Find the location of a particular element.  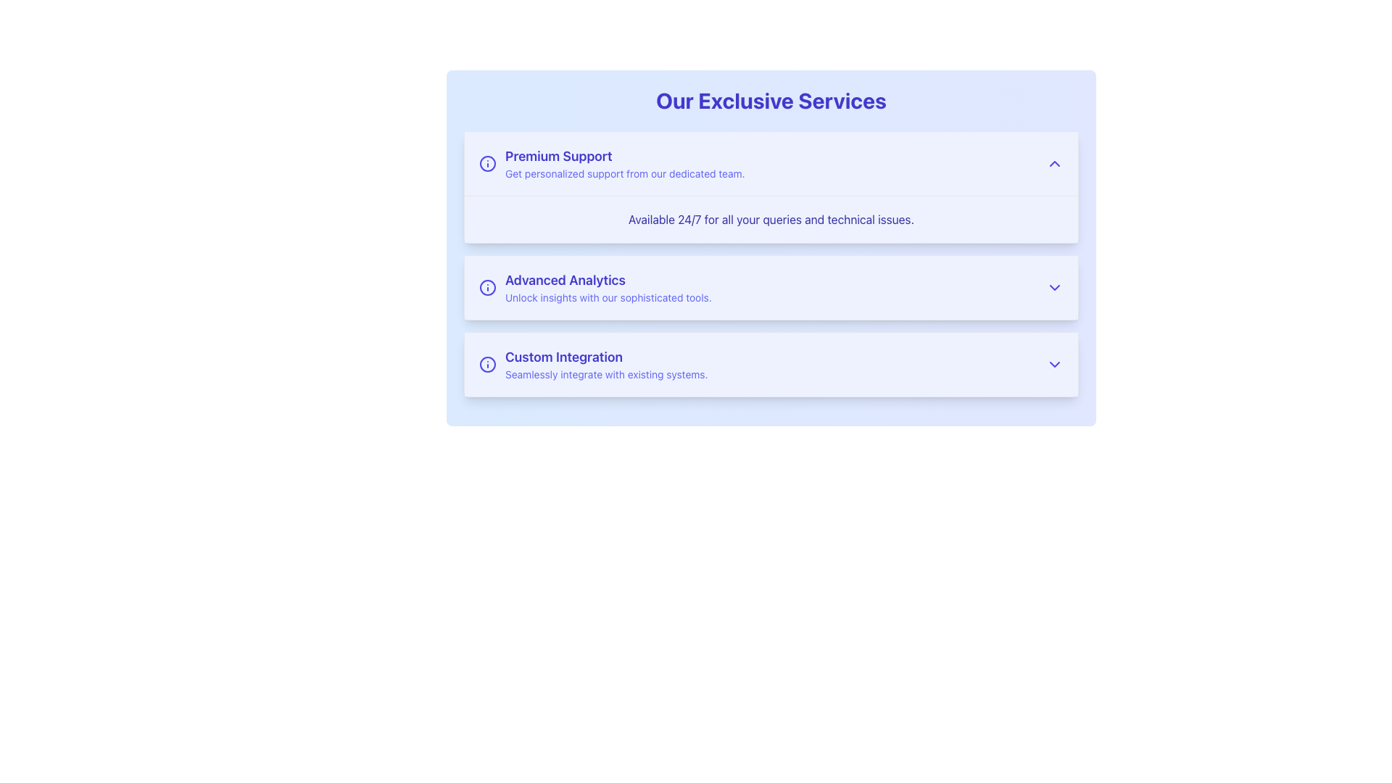

the descriptive Text block that provides information about the 'Custom Integration' feature, located below the 'Advanced Analytics' section and bordered by an information icon is located at coordinates (606, 363).